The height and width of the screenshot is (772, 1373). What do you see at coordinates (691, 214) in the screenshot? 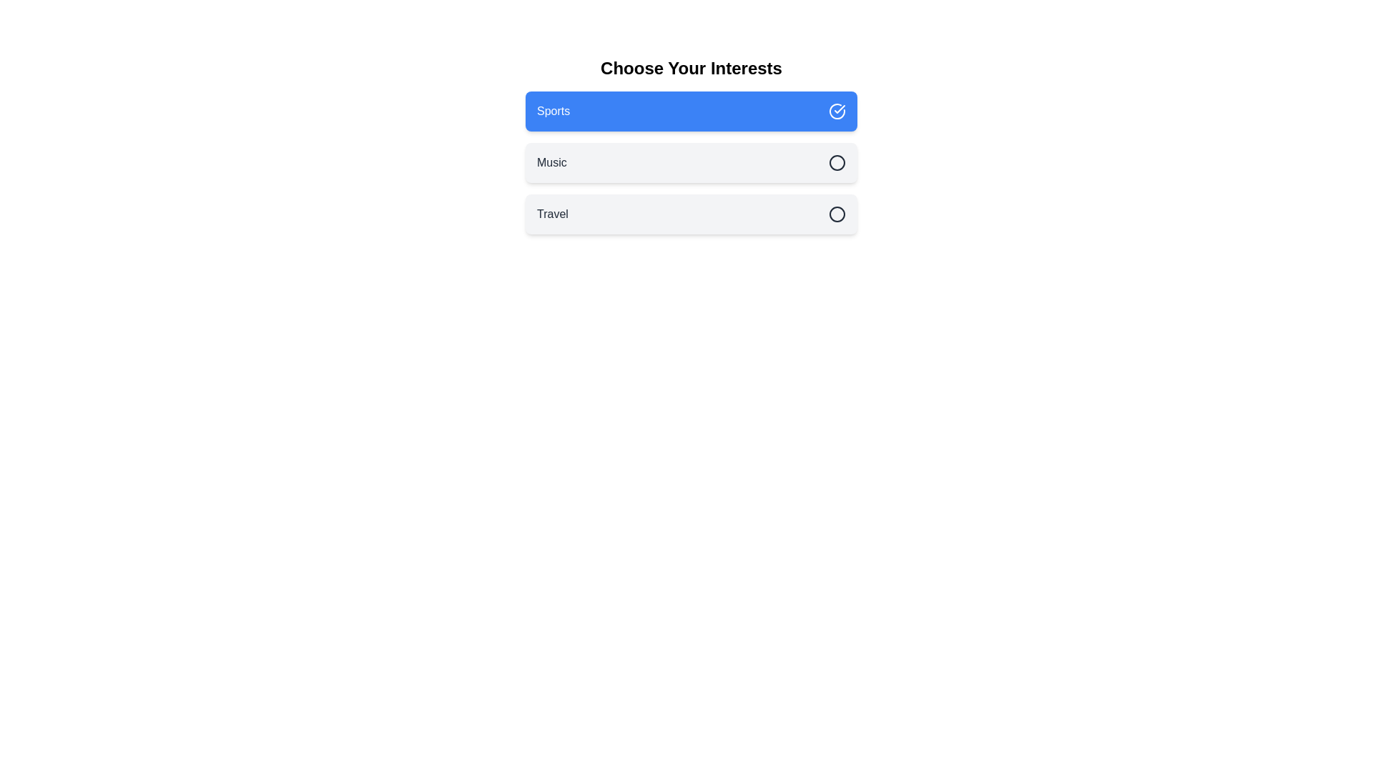
I see `the chip labeled Travel` at bounding box center [691, 214].